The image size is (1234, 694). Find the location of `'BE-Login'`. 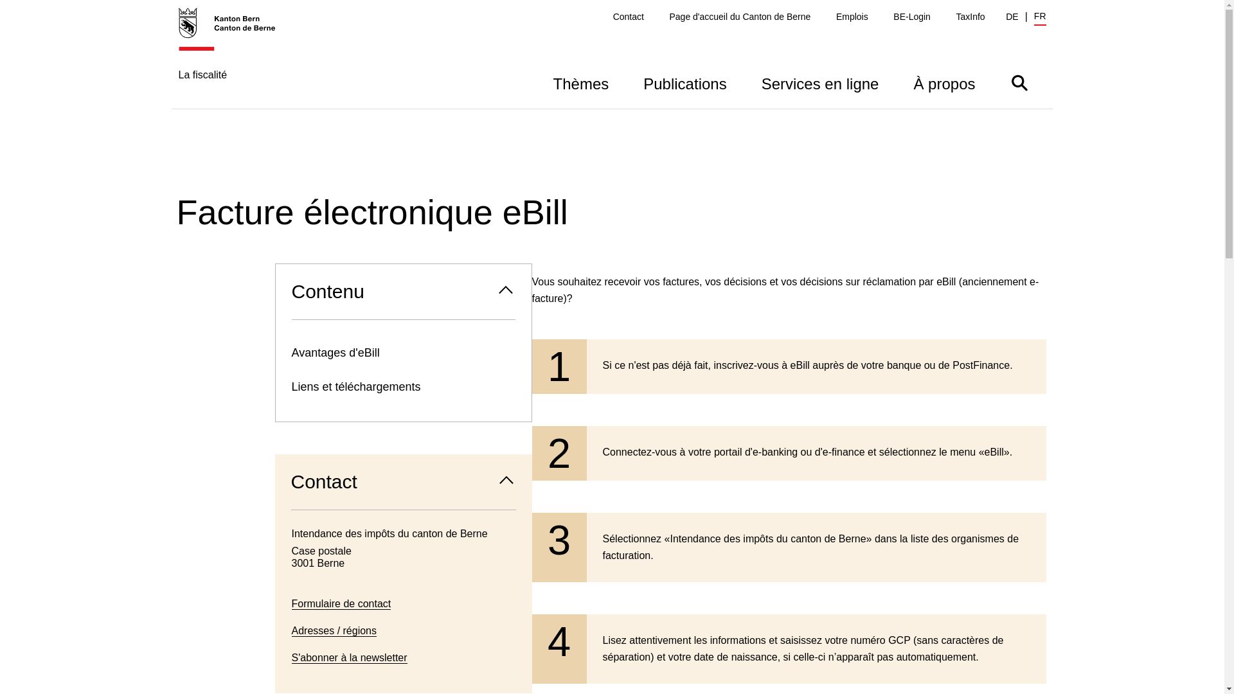

'BE-Login' is located at coordinates (911, 17).